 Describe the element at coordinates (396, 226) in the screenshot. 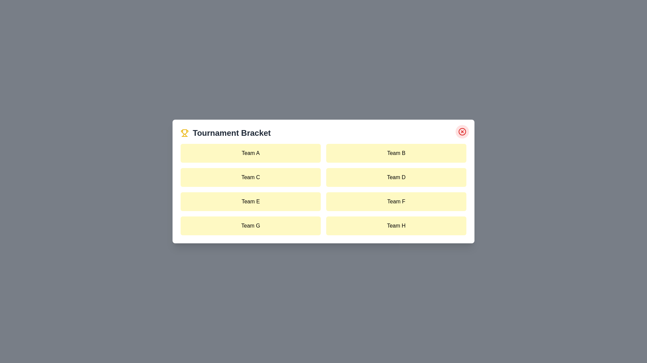

I see `the team item labeled Team H` at that location.